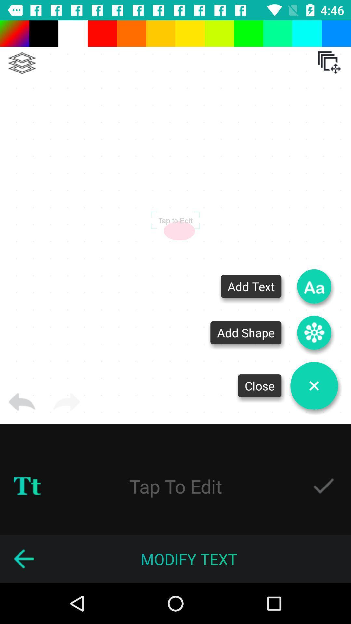  I want to click on shape to logo, so click(314, 332).